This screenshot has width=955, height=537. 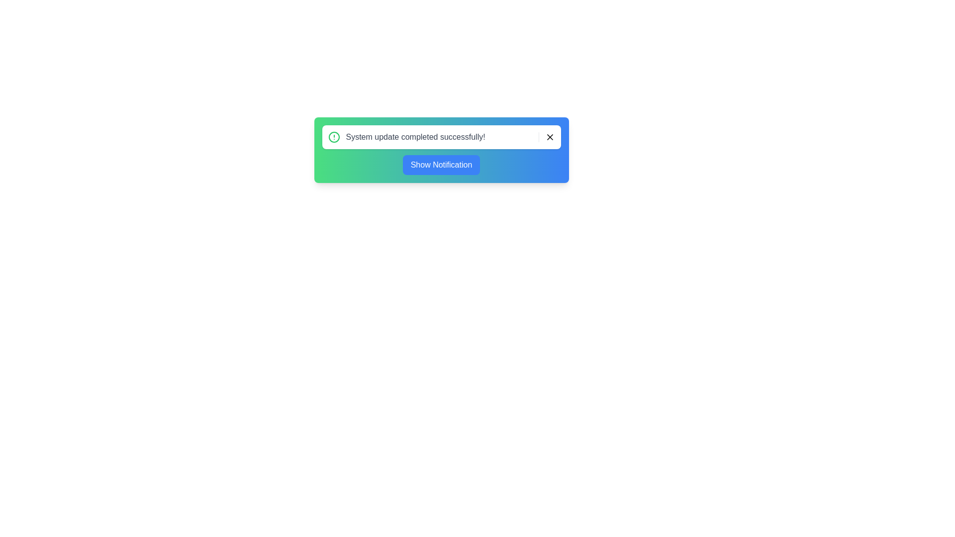 What do you see at coordinates (546, 137) in the screenshot?
I see `the dismiss button located on the far right side of the notification alert box, which closes the alert when clicked` at bounding box center [546, 137].